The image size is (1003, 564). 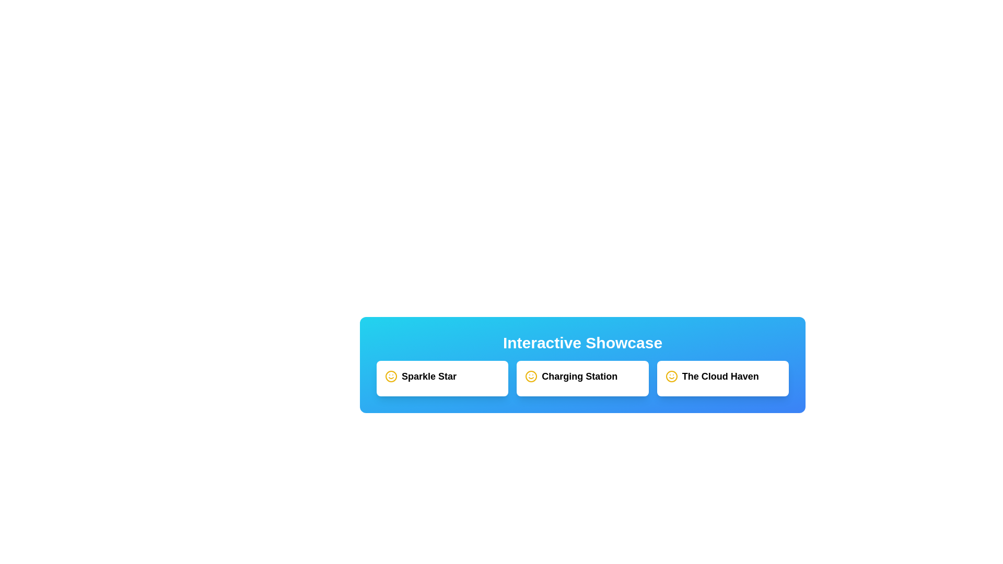 I want to click on the circular SVG graphical component representing a smiley face within the 'Charging Station' button in the Interactive Showcase, so click(x=671, y=377).